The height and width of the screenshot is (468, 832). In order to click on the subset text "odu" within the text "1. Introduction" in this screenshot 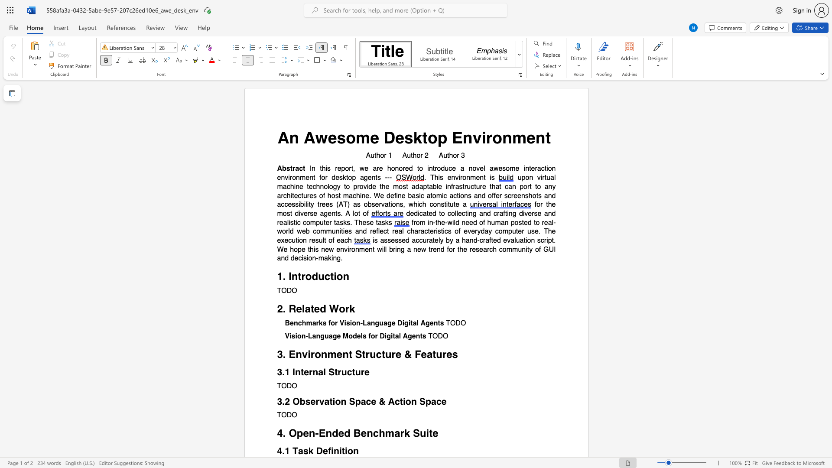, I will do `click(305, 276)`.